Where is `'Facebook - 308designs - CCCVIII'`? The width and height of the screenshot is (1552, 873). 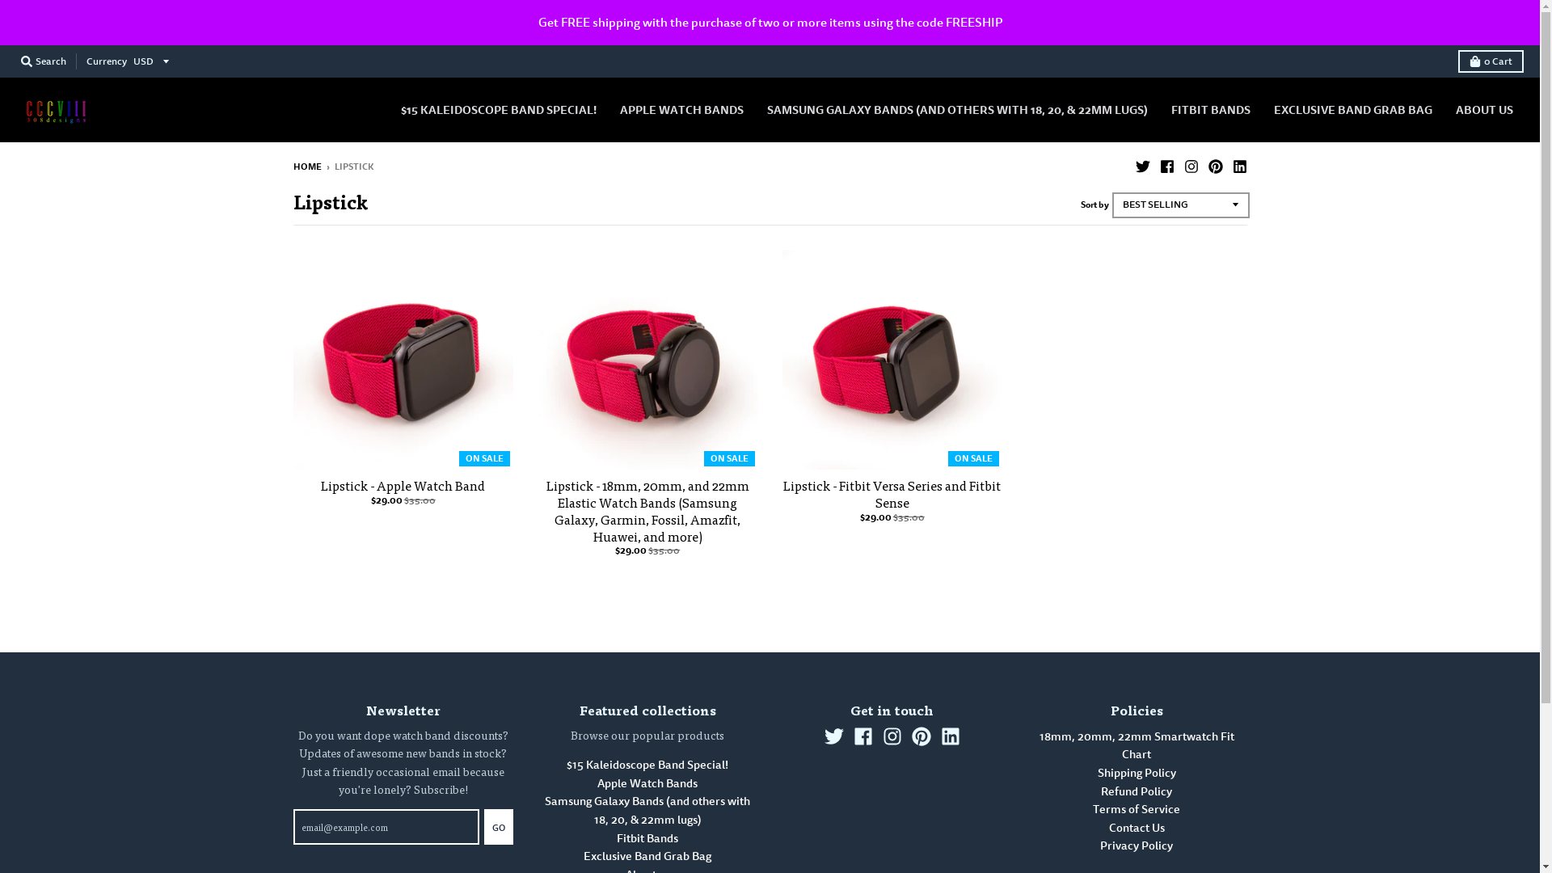 'Facebook - 308designs - CCCVIII' is located at coordinates (862, 736).